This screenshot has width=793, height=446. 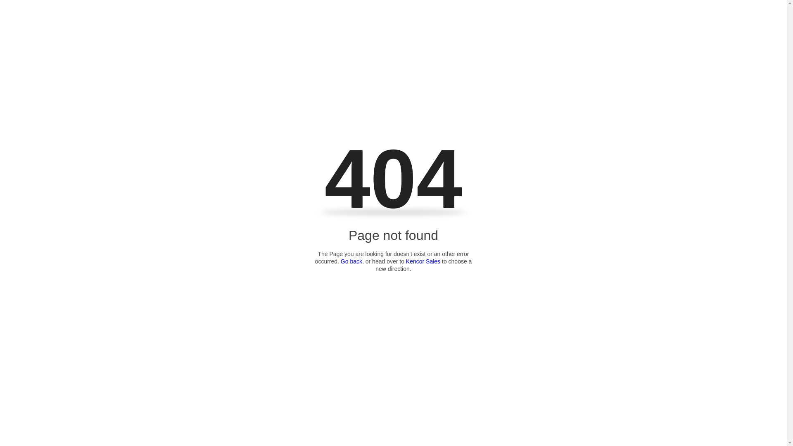 What do you see at coordinates (423, 261) in the screenshot?
I see `'Kencor Sales'` at bounding box center [423, 261].